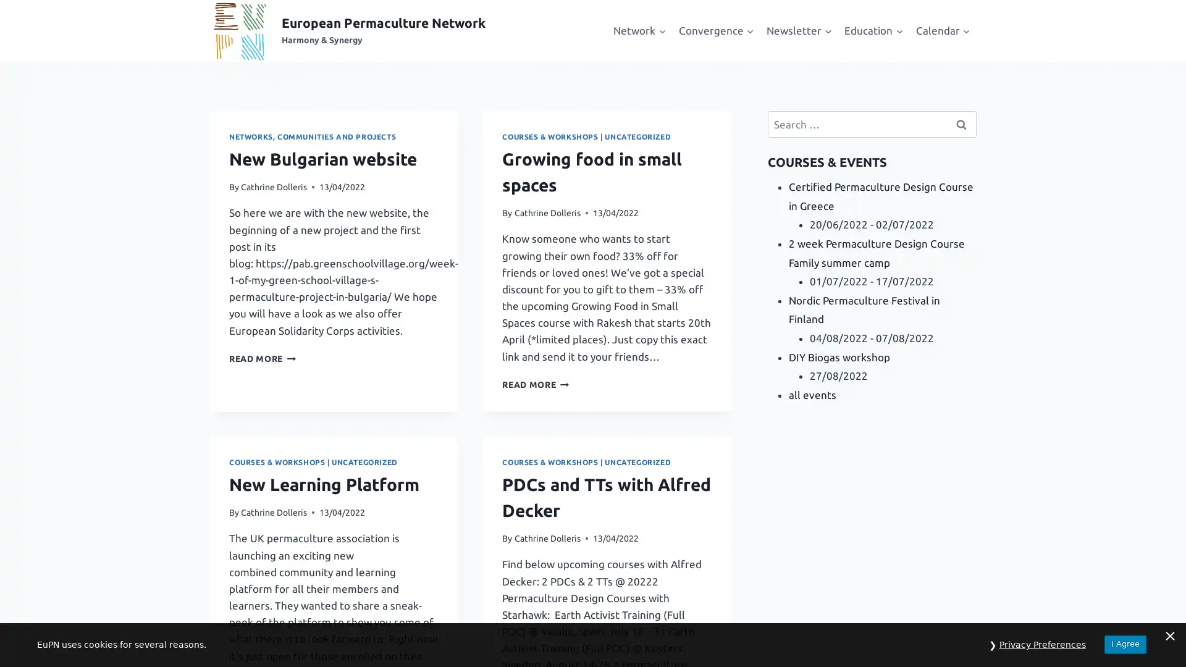 Image resolution: width=1186 pixels, height=667 pixels. What do you see at coordinates (799, 30) in the screenshot?
I see `Expand child menu` at bounding box center [799, 30].